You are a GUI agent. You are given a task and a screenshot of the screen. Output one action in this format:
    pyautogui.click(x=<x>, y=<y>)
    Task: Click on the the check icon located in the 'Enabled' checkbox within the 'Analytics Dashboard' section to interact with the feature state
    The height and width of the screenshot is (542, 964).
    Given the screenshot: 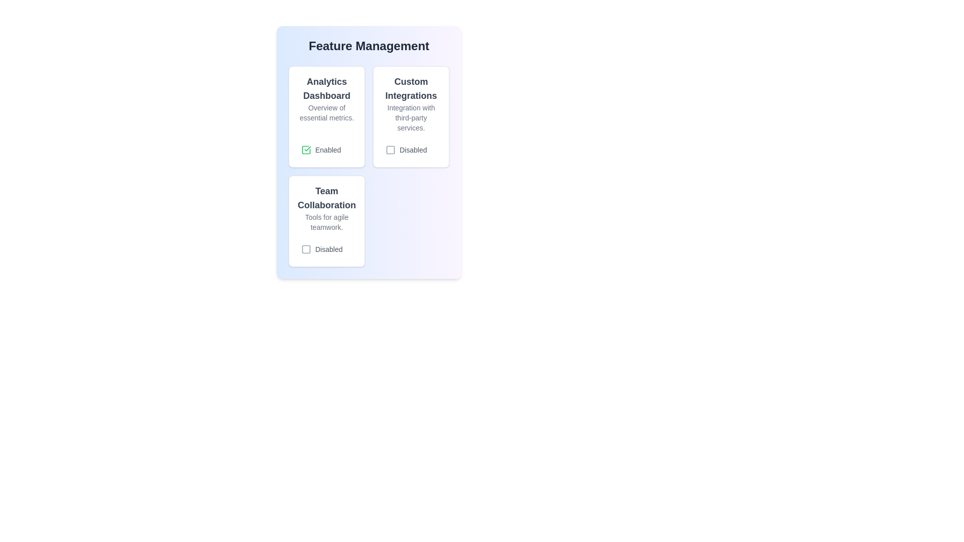 What is the action you would take?
    pyautogui.click(x=305, y=150)
    